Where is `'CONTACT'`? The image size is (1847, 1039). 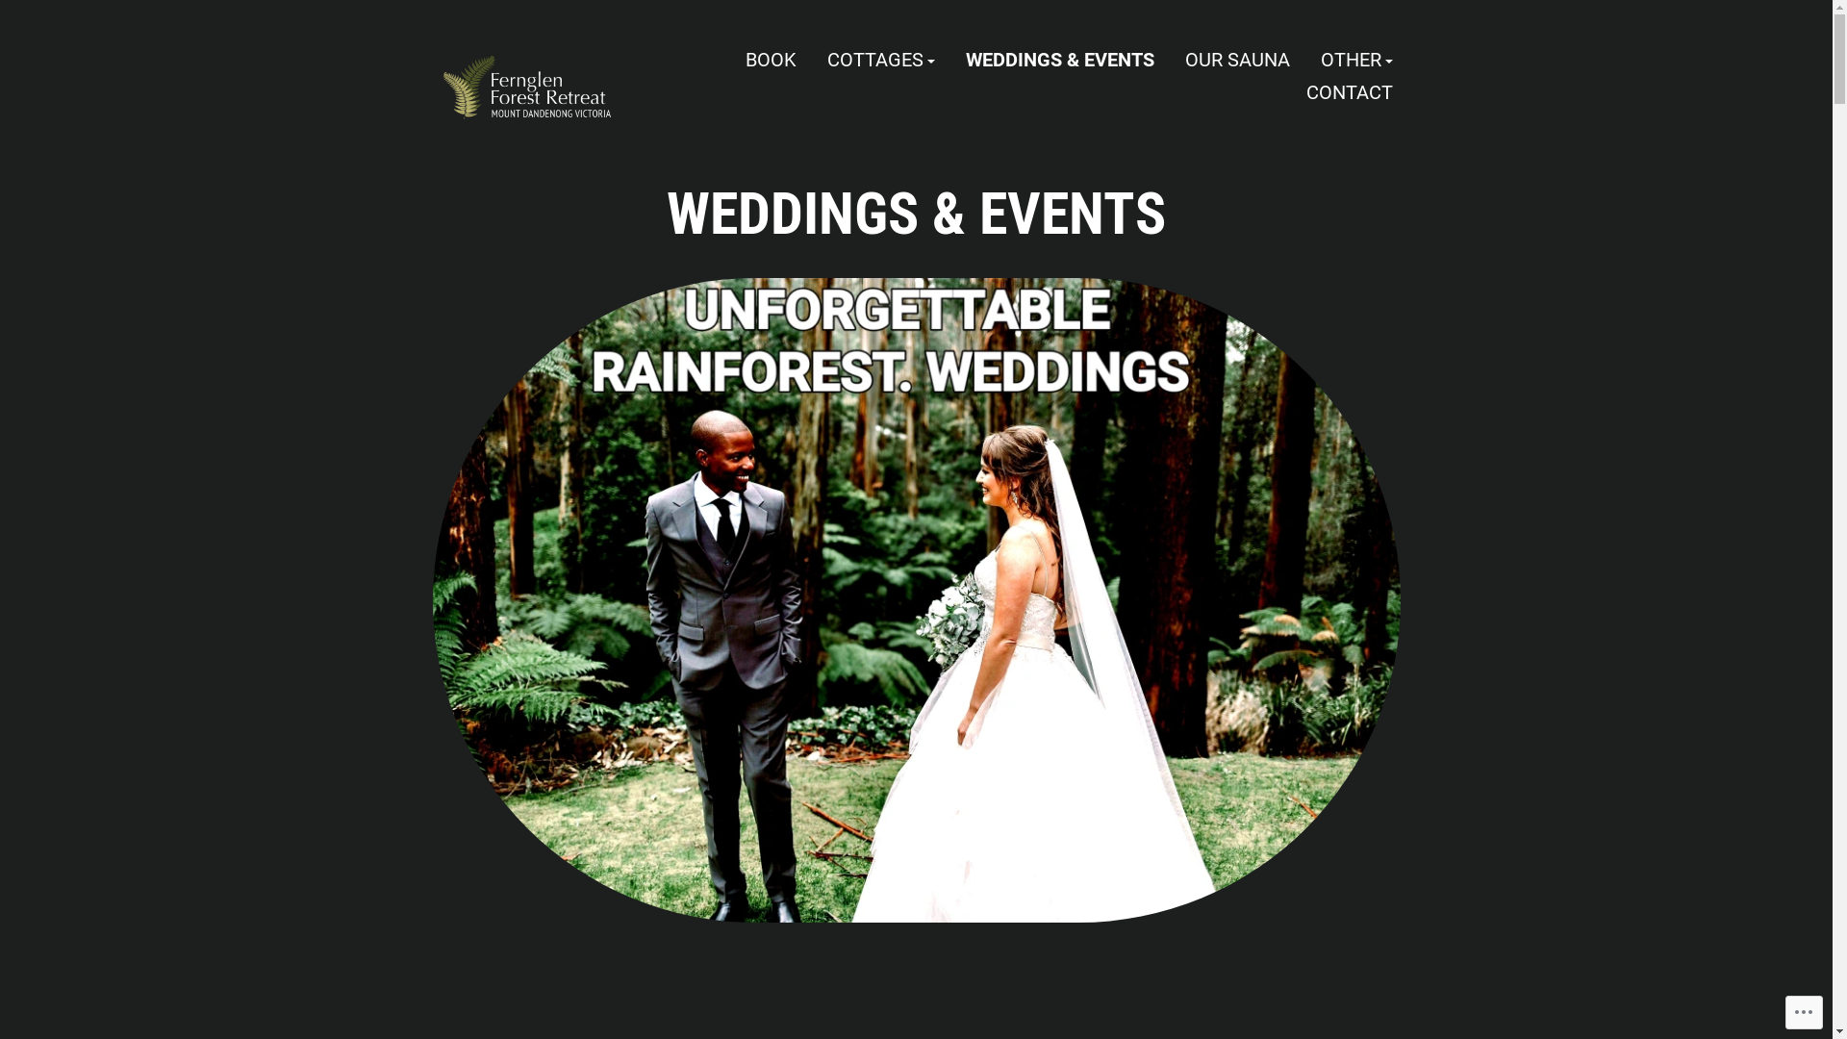 'CONTACT' is located at coordinates (1348, 91).